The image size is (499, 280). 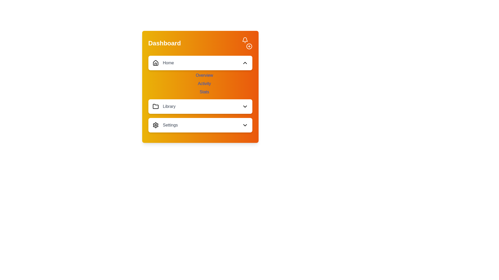 I want to click on the door icon of the house SVG, which is a central vertical section of the house structure, so click(x=155, y=64).